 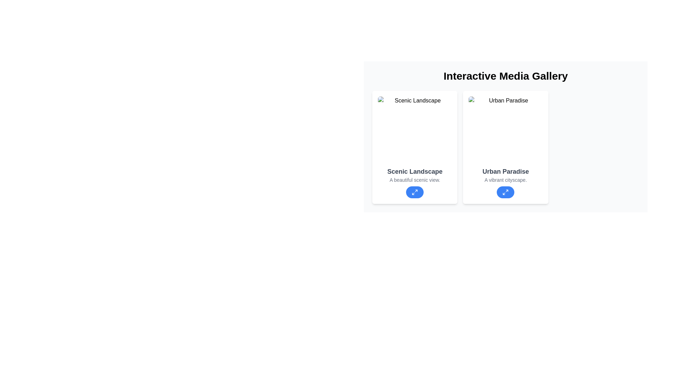 What do you see at coordinates (505, 147) in the screenshot?
I see `the display card titled 'Urban Paradise', which is the second card in the two-column grid layout within the 'Interactive Media Gallery'` at bounding box center [505, 147].